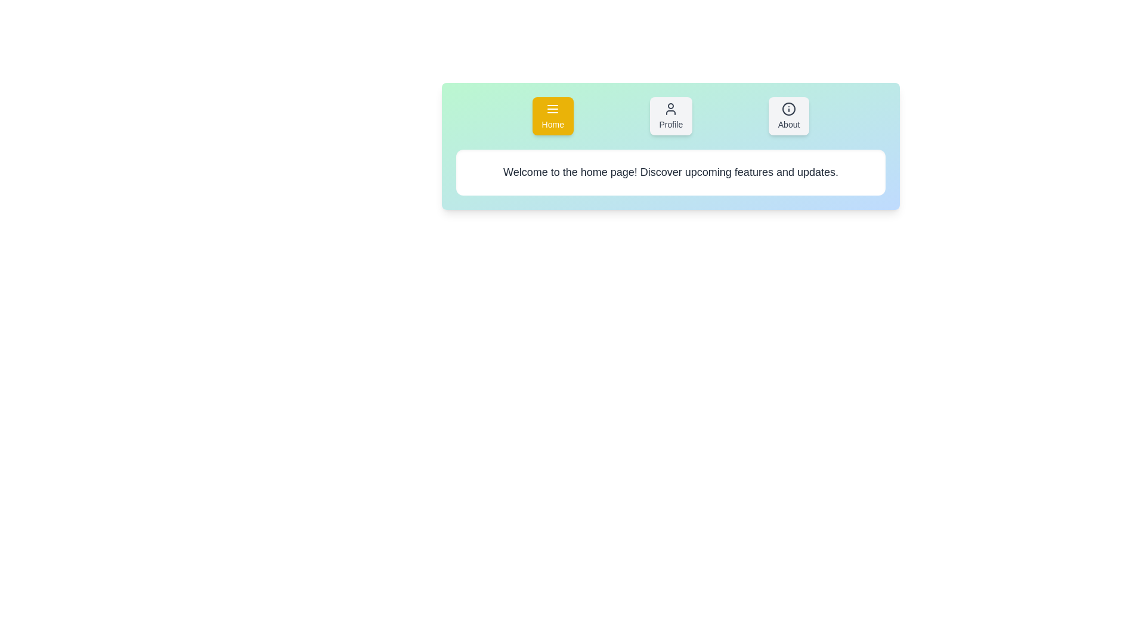  Describe the element at coordinates (552, 116) in the screenshot. I see `the Home tab to activate it` at that location.